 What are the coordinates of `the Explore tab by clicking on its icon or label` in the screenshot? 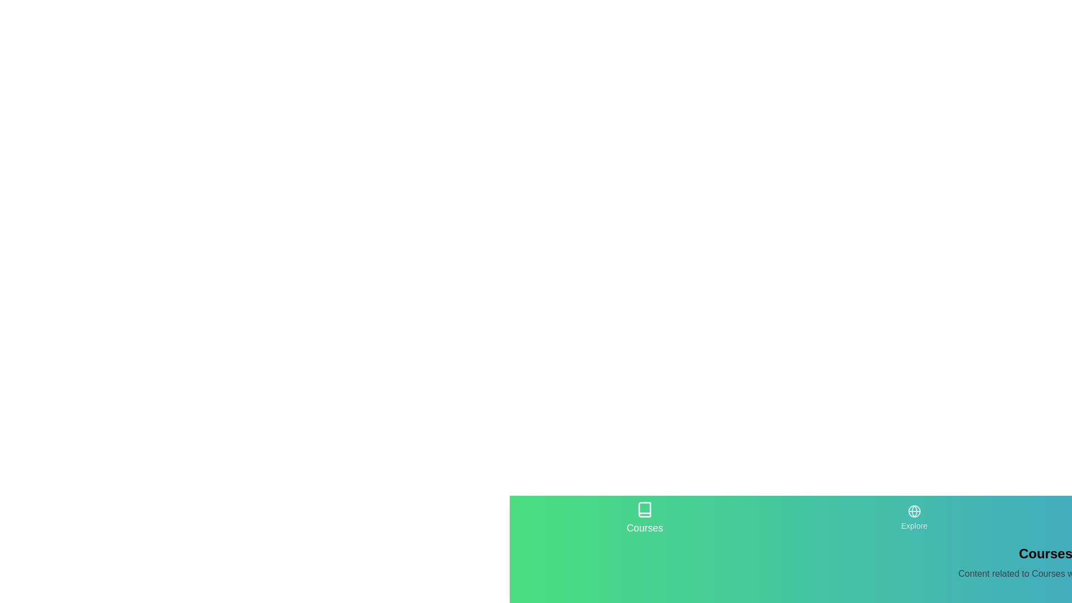 It's located at (913, 518).